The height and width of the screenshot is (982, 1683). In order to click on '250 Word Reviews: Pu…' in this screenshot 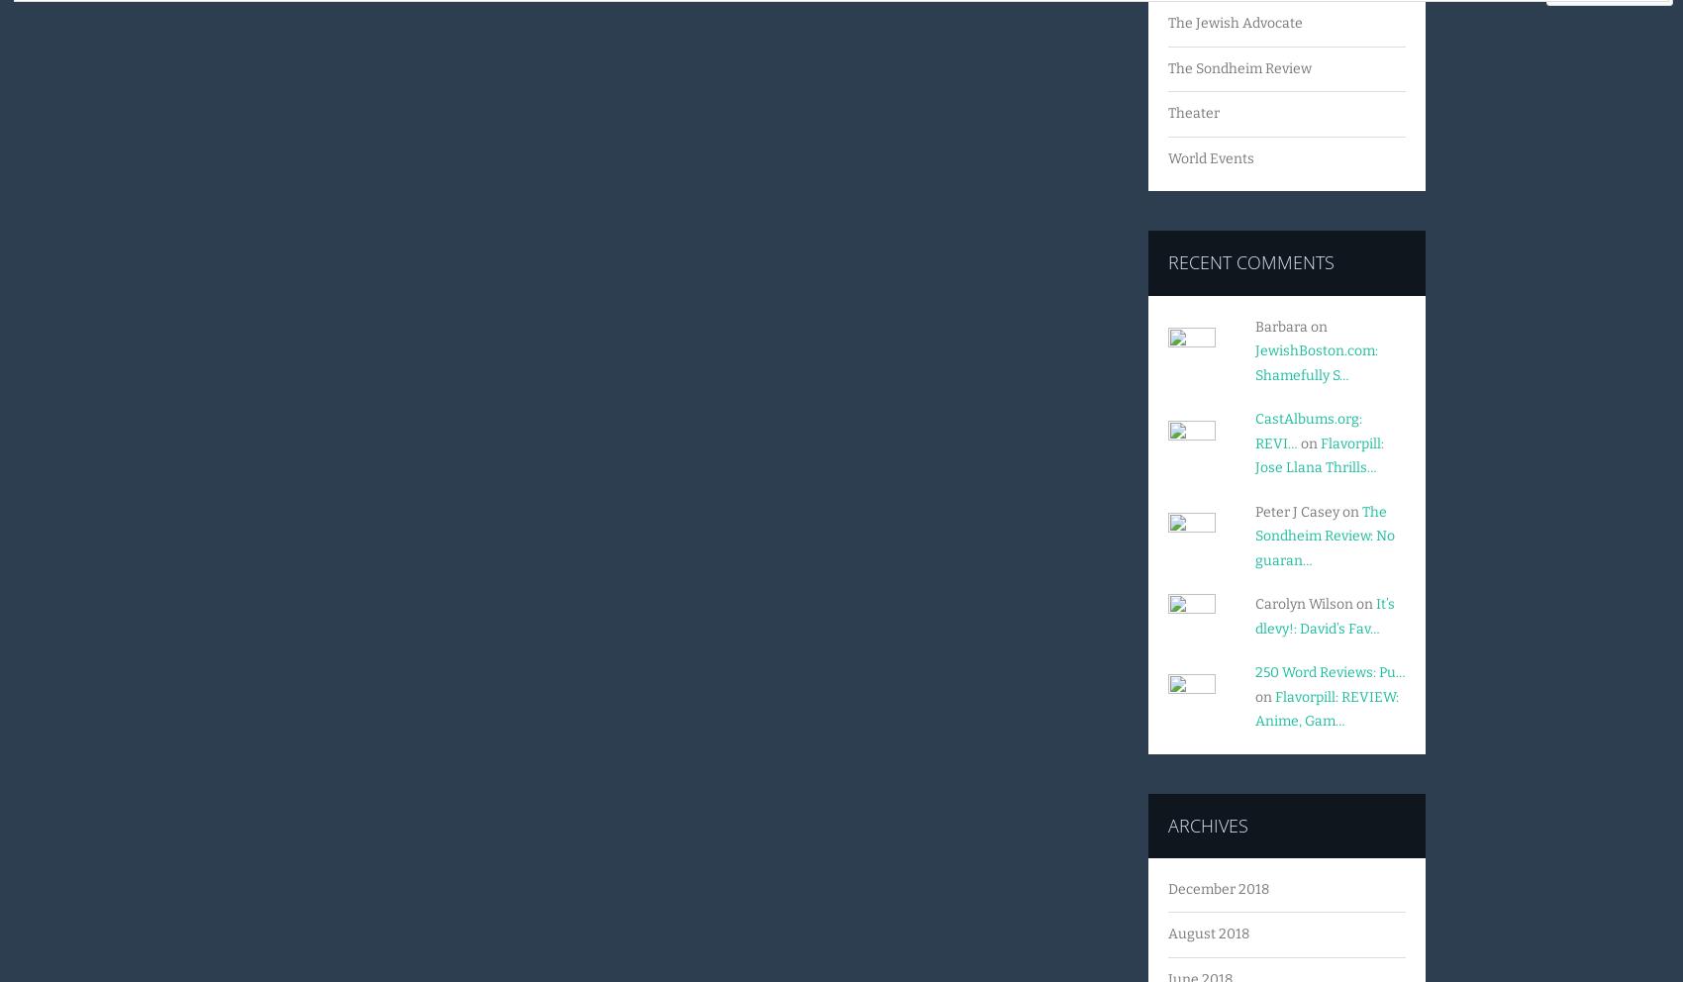, I will do `click(1331, 671)`.